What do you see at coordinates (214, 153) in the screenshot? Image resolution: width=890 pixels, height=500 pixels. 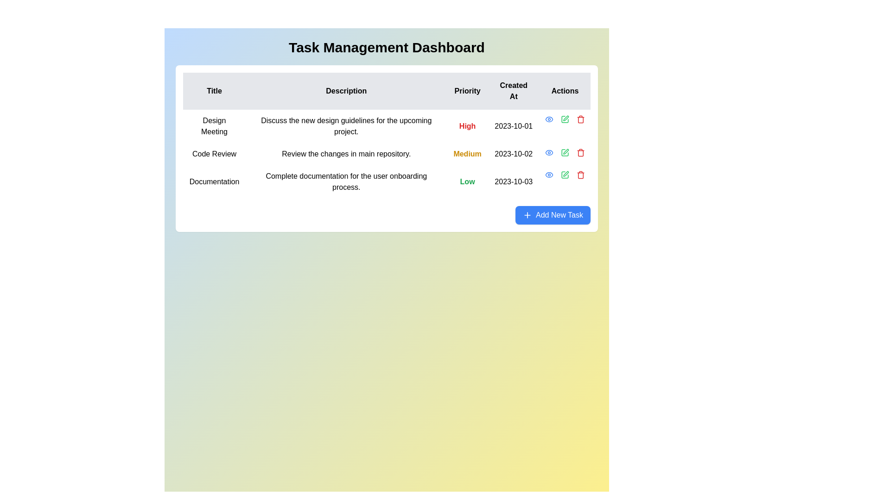 I see `text from the 'Code Review' label located in the task table under the 'Title' column, which is prominently displayed at the beginning of the task row` at bounding box center [214, 153].